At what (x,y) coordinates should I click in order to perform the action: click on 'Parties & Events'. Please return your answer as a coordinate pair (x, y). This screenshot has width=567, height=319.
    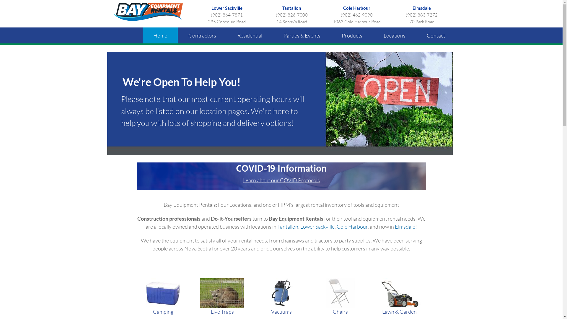
    Looking at the image, I should click on (302, 35).